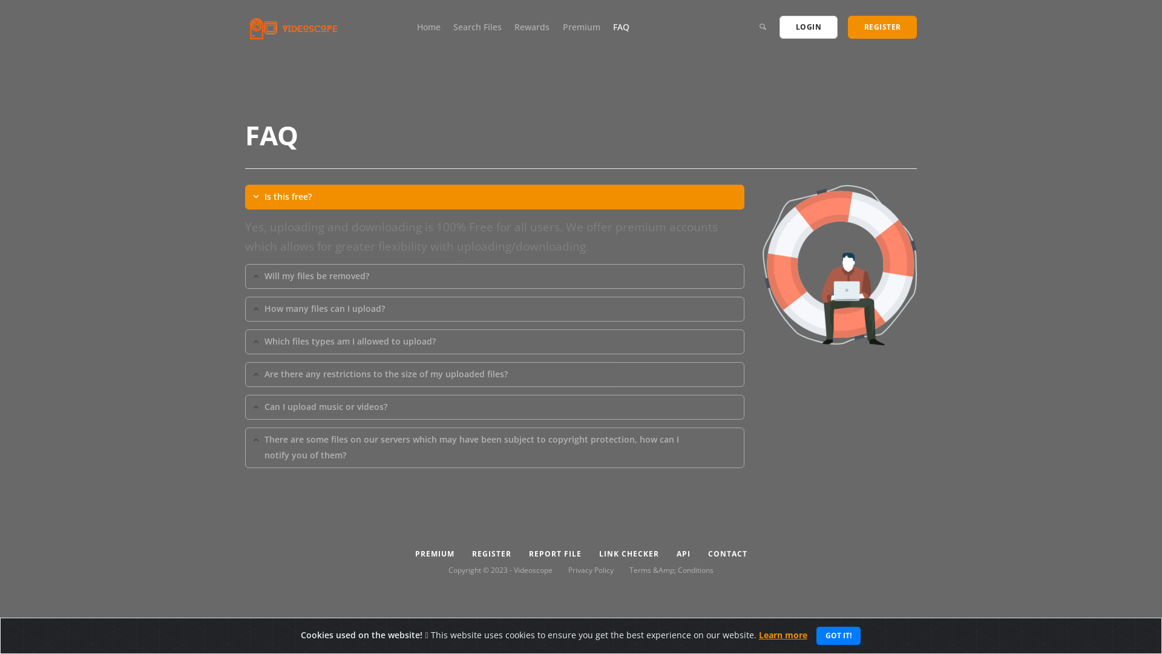  Describe the element at coordinates (476, 27) in the screenshot. I see `'Search Files'` at that location.